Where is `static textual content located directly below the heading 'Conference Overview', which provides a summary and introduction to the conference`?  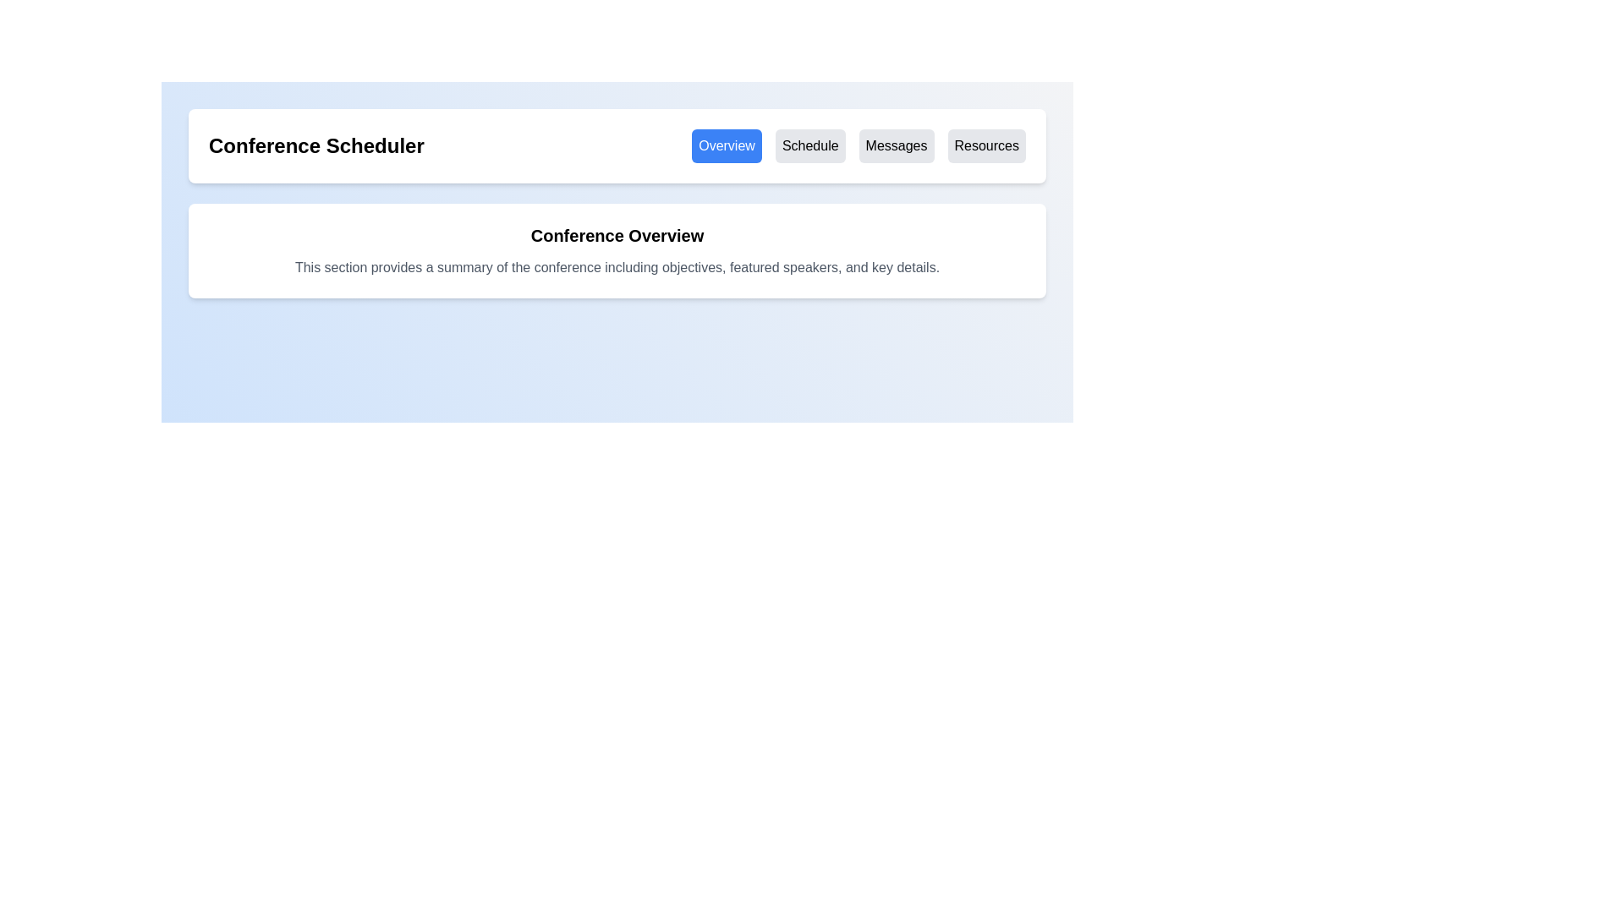 static textual content located directly below the heading 'Conference Overview', which provides a summary and introduction to the conference is located at coordinates (616, 266).